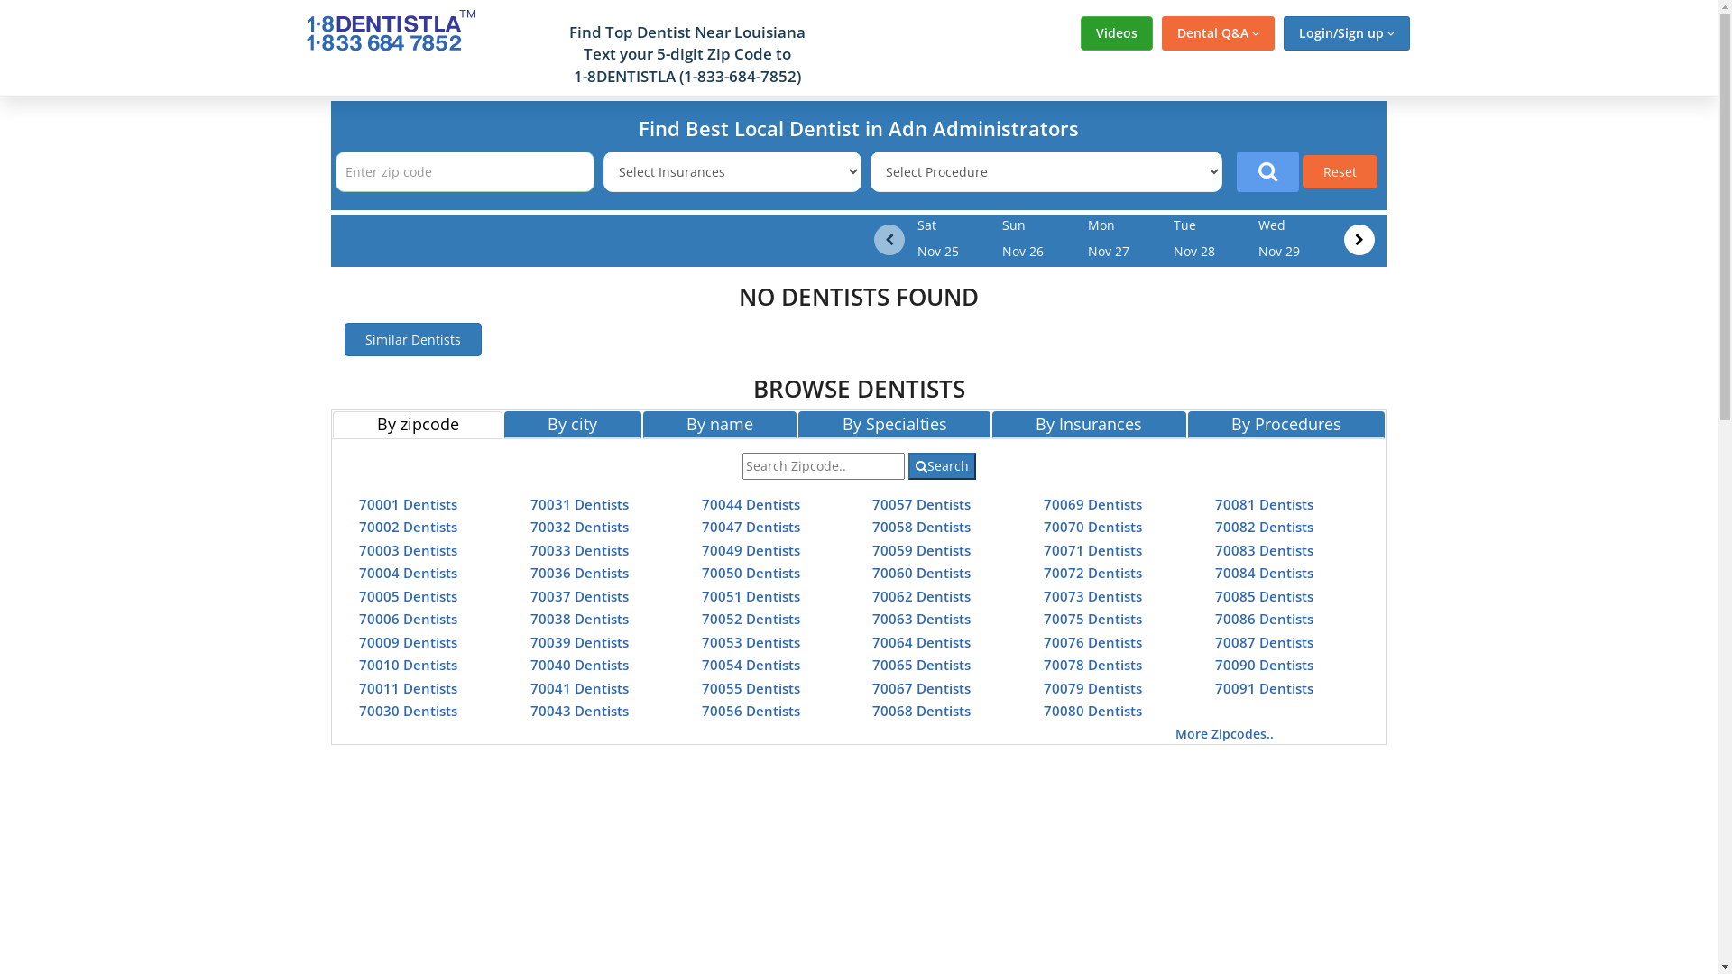 The image size is (1732, 974). I want to click on 'Reset', so click(1340, 171).